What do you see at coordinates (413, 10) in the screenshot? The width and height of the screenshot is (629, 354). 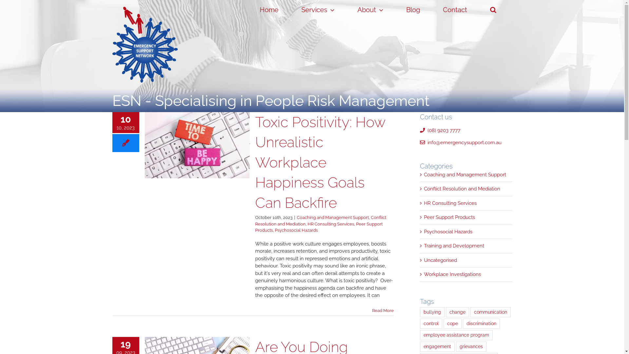 I see `'Blog'` at bounding box center [413, 10].